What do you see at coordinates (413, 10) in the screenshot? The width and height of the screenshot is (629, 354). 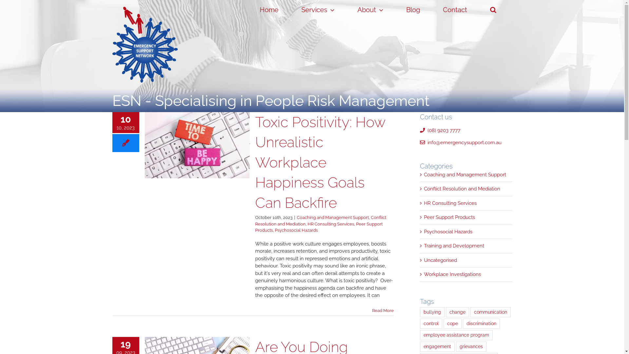 I see `'Blog'` at bounding box center [413, 10].